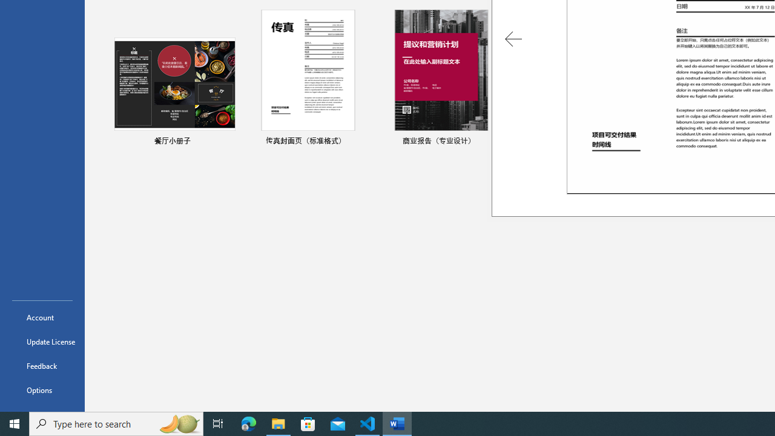  What do you see at coordinates (42, 342) in the screenshot?
I see `'Update License'` at bounding box center [42, 342].